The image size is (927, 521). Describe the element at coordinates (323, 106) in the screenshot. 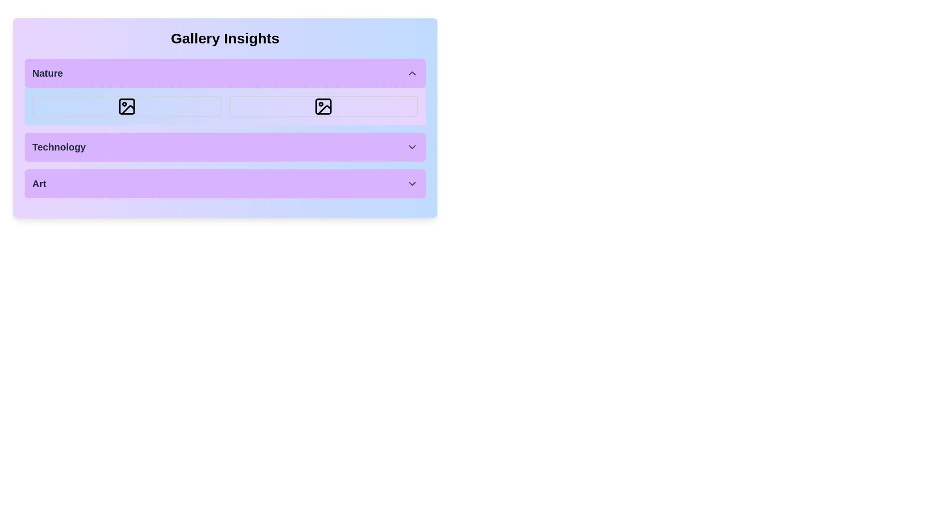

I see `the square icon boundary box with a rounded stroke outline in the 'Nature' section, which contains a circular feature and diagonal line, positioned as the second icon in the row` at that location.